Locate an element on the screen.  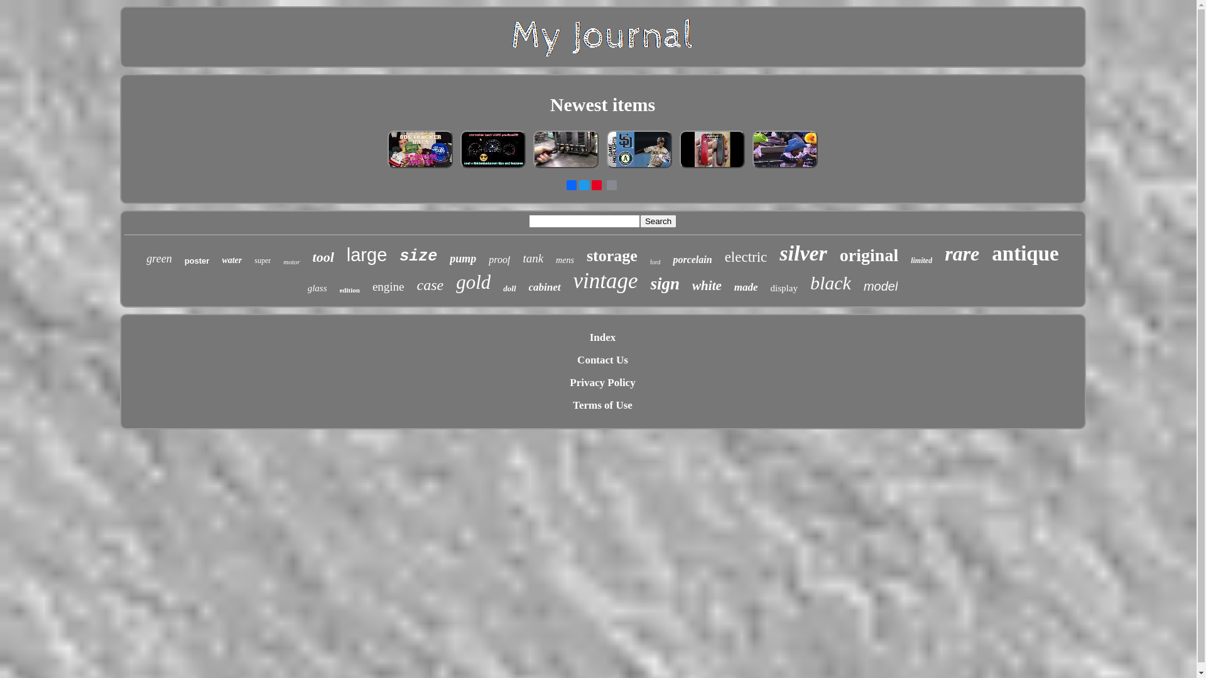
'made' is located at coordinates (746, 288).